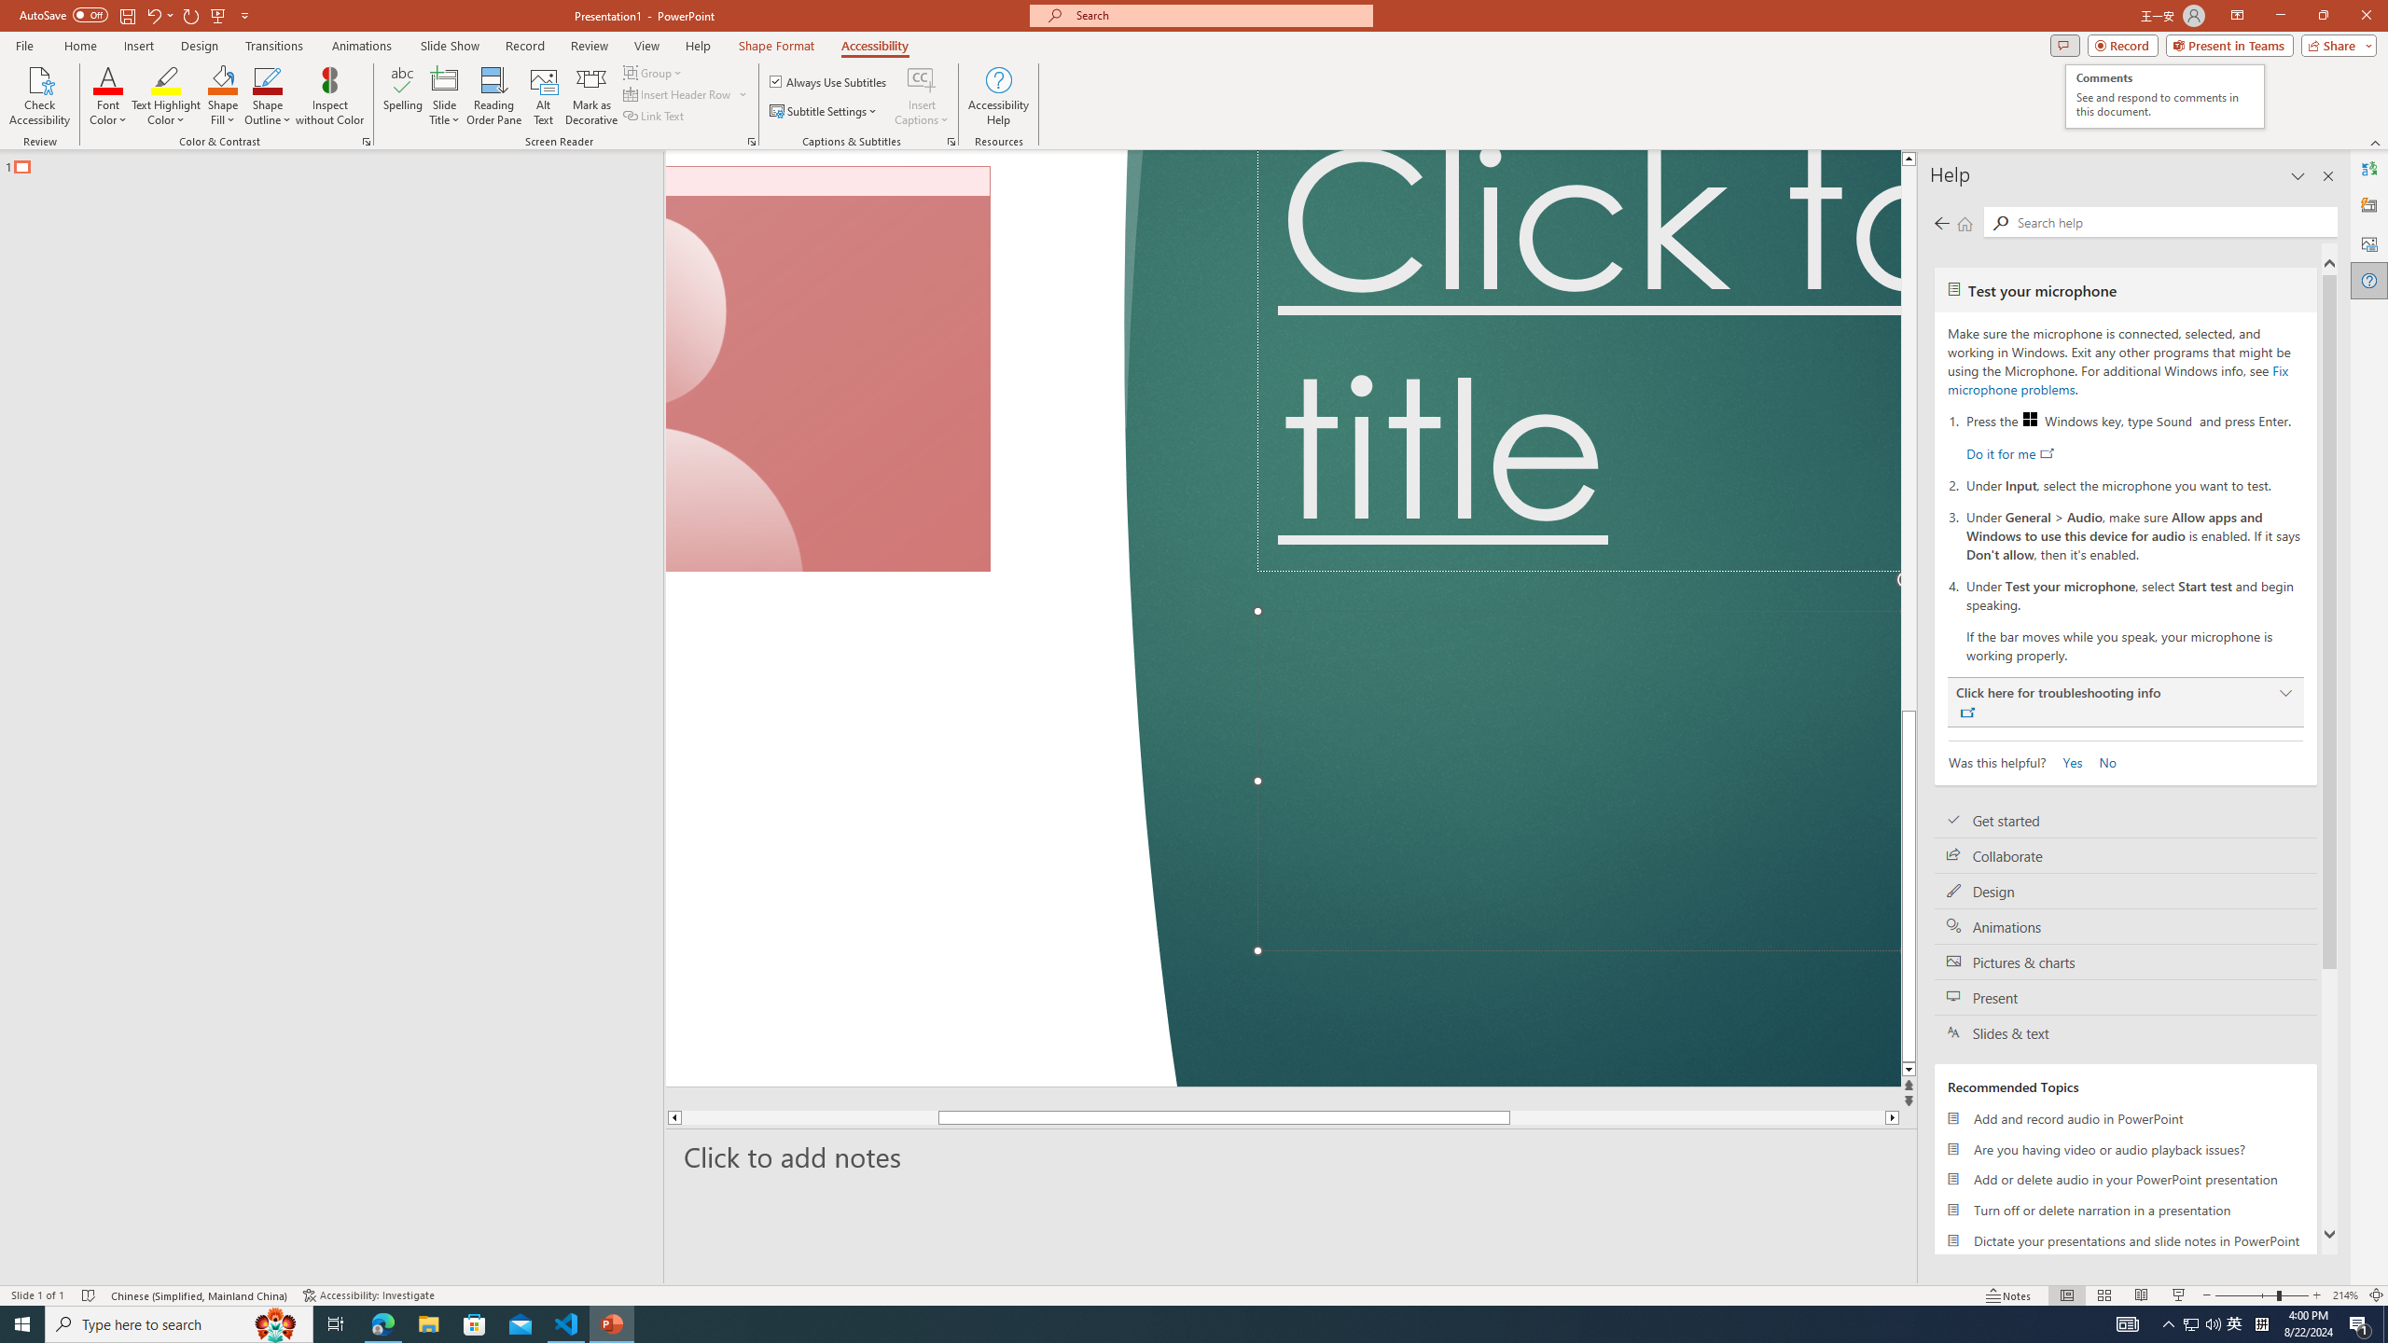 The width and height of the screenshot is (2388, 1343). What do you see at coordinates (2065, 761) in the screenshot?
I see `'Yes'` at bounding box center [2065, 761].